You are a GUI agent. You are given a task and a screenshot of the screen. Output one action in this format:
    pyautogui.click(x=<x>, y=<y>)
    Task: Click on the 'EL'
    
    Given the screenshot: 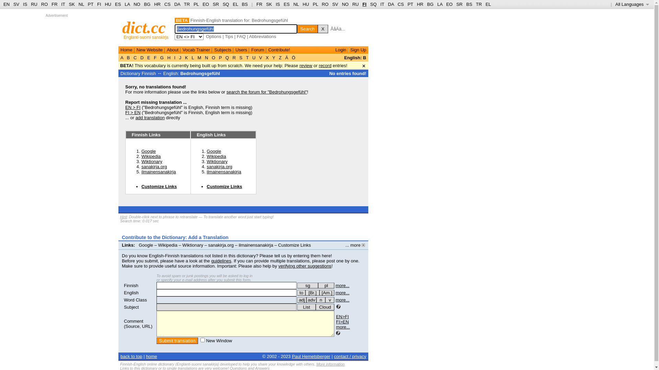 What is the action you would take?
    pyautogui.click(x=488, y=4)
    